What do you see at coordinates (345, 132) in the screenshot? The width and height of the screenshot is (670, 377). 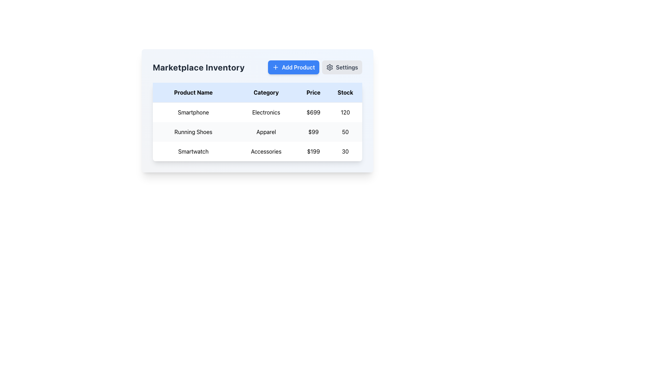 I see `stock count of the product 'Running Shoes' located in the rightmost cell of the second row in the 'Stock' column of the inventory table` at bounding box center [345, 132].